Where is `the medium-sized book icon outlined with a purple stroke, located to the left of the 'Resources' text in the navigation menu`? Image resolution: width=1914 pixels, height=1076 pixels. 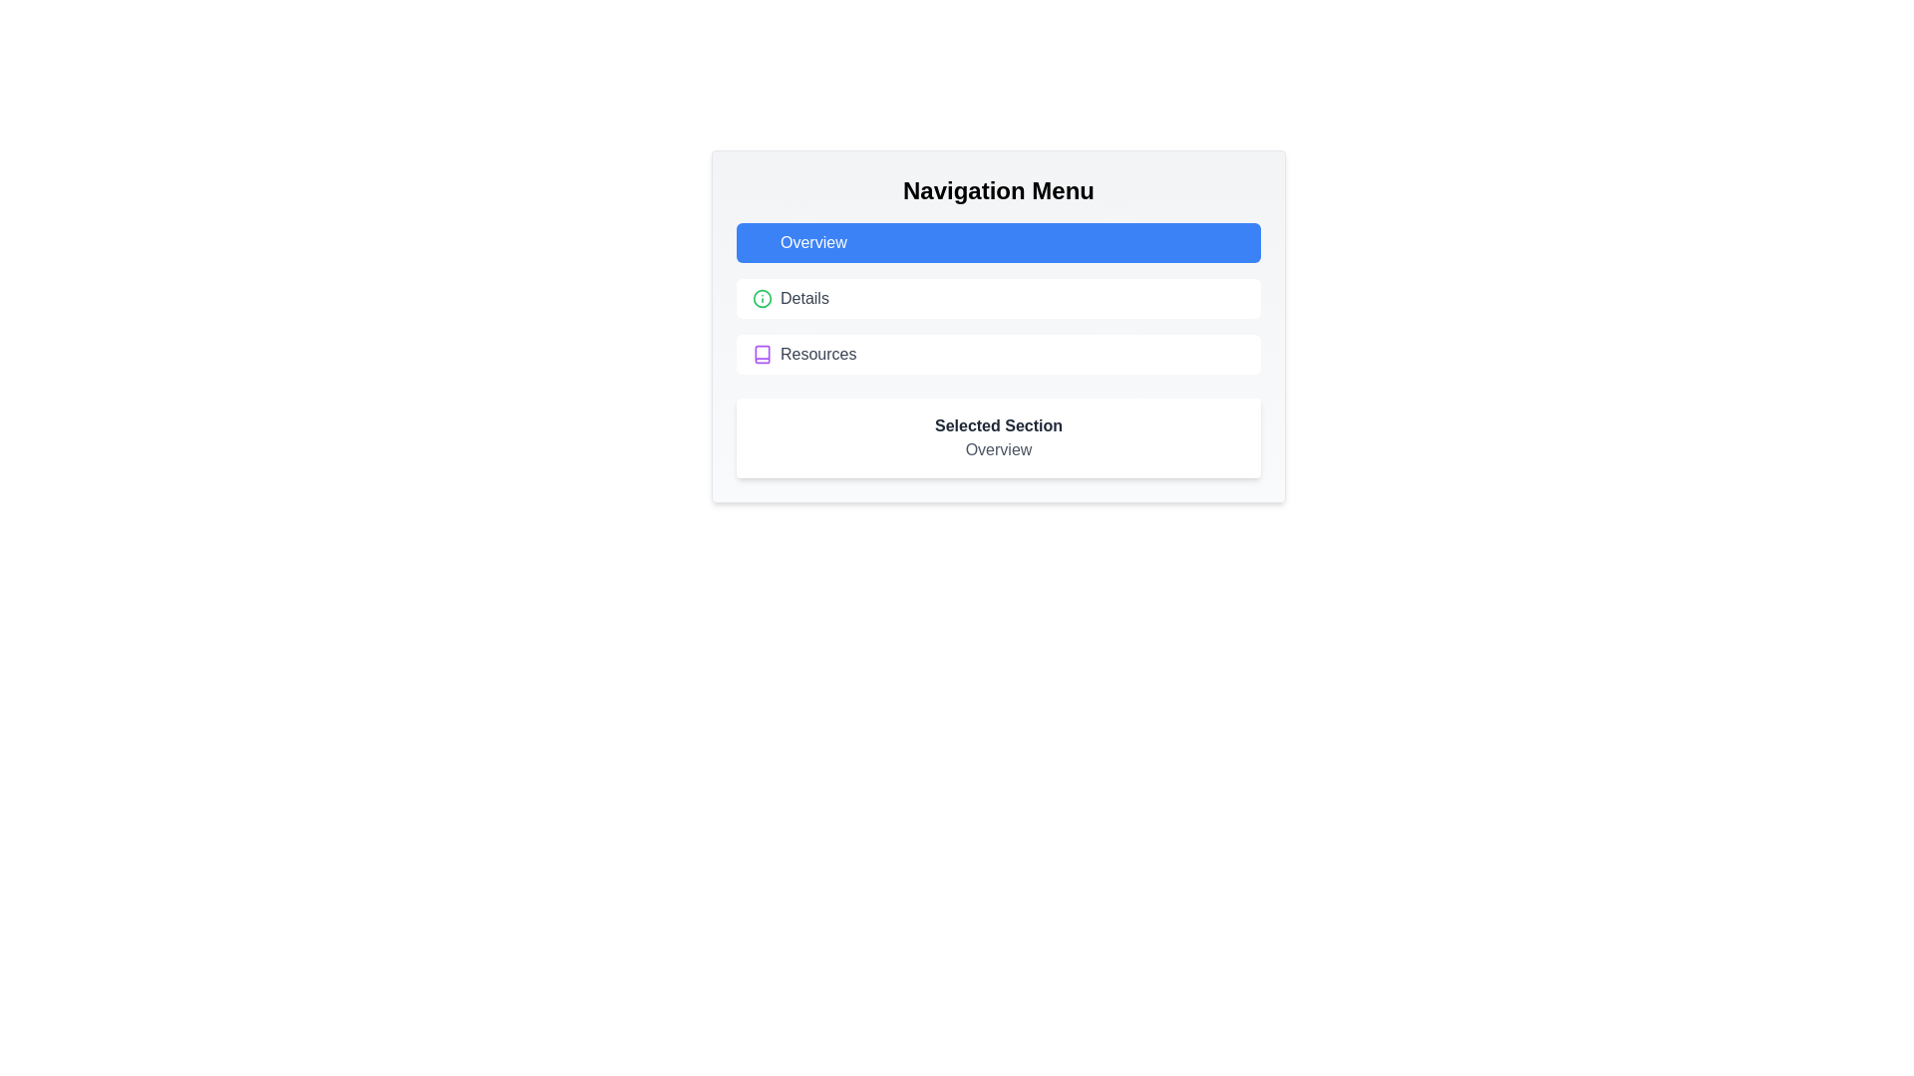
the medium-sized book icon outlined with a purple stroke, located to the left of the 'Resources' text in the navigation menu is located at coordinates (761, 353).